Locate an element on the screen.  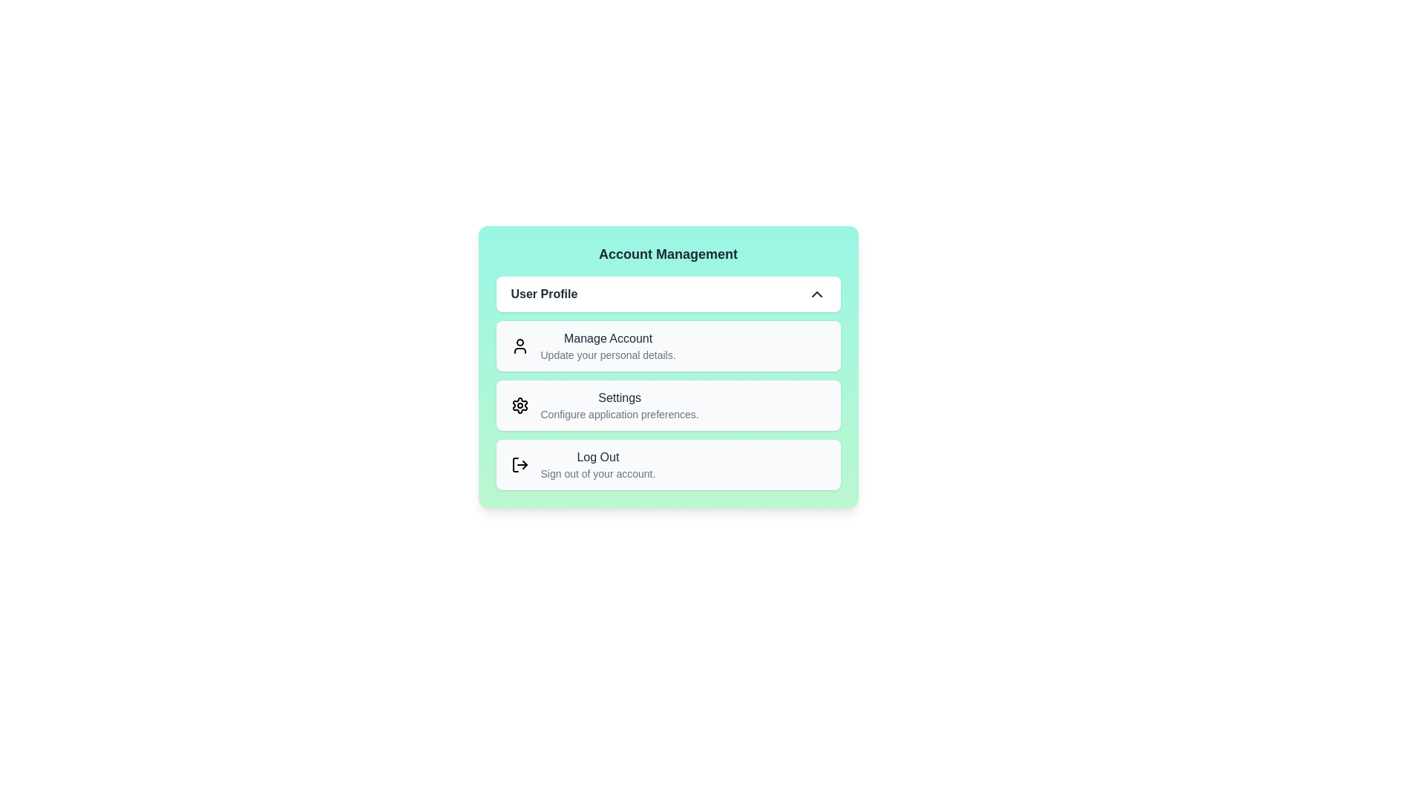
the icon corresponding to the menu item Log Out is located at coordinates (520, 464).